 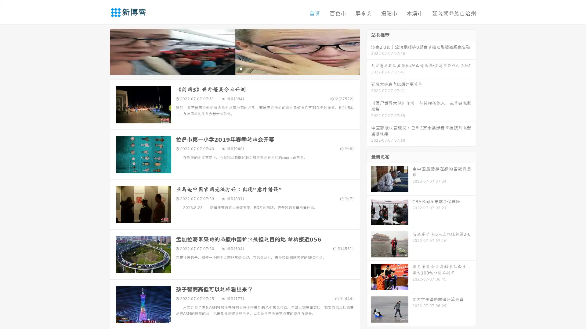 What do you see at coordinates (241, 69) in the screenshot?
I see `Go to slide 3` at bounding box center [241, 69].